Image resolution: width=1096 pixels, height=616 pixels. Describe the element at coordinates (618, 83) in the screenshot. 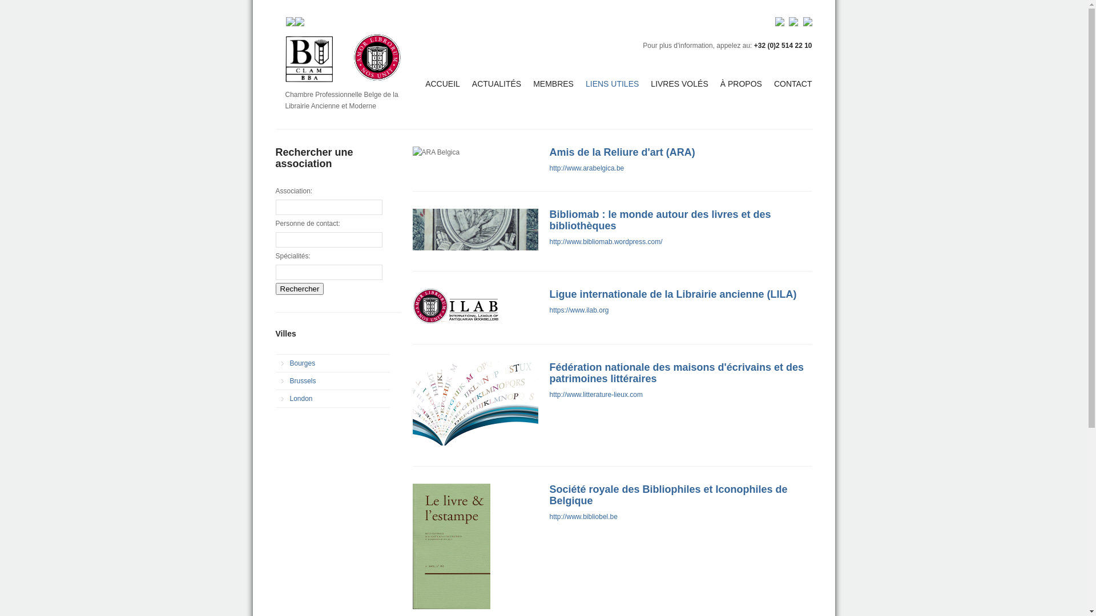

I see `'LIENS UTILES'` at that location.